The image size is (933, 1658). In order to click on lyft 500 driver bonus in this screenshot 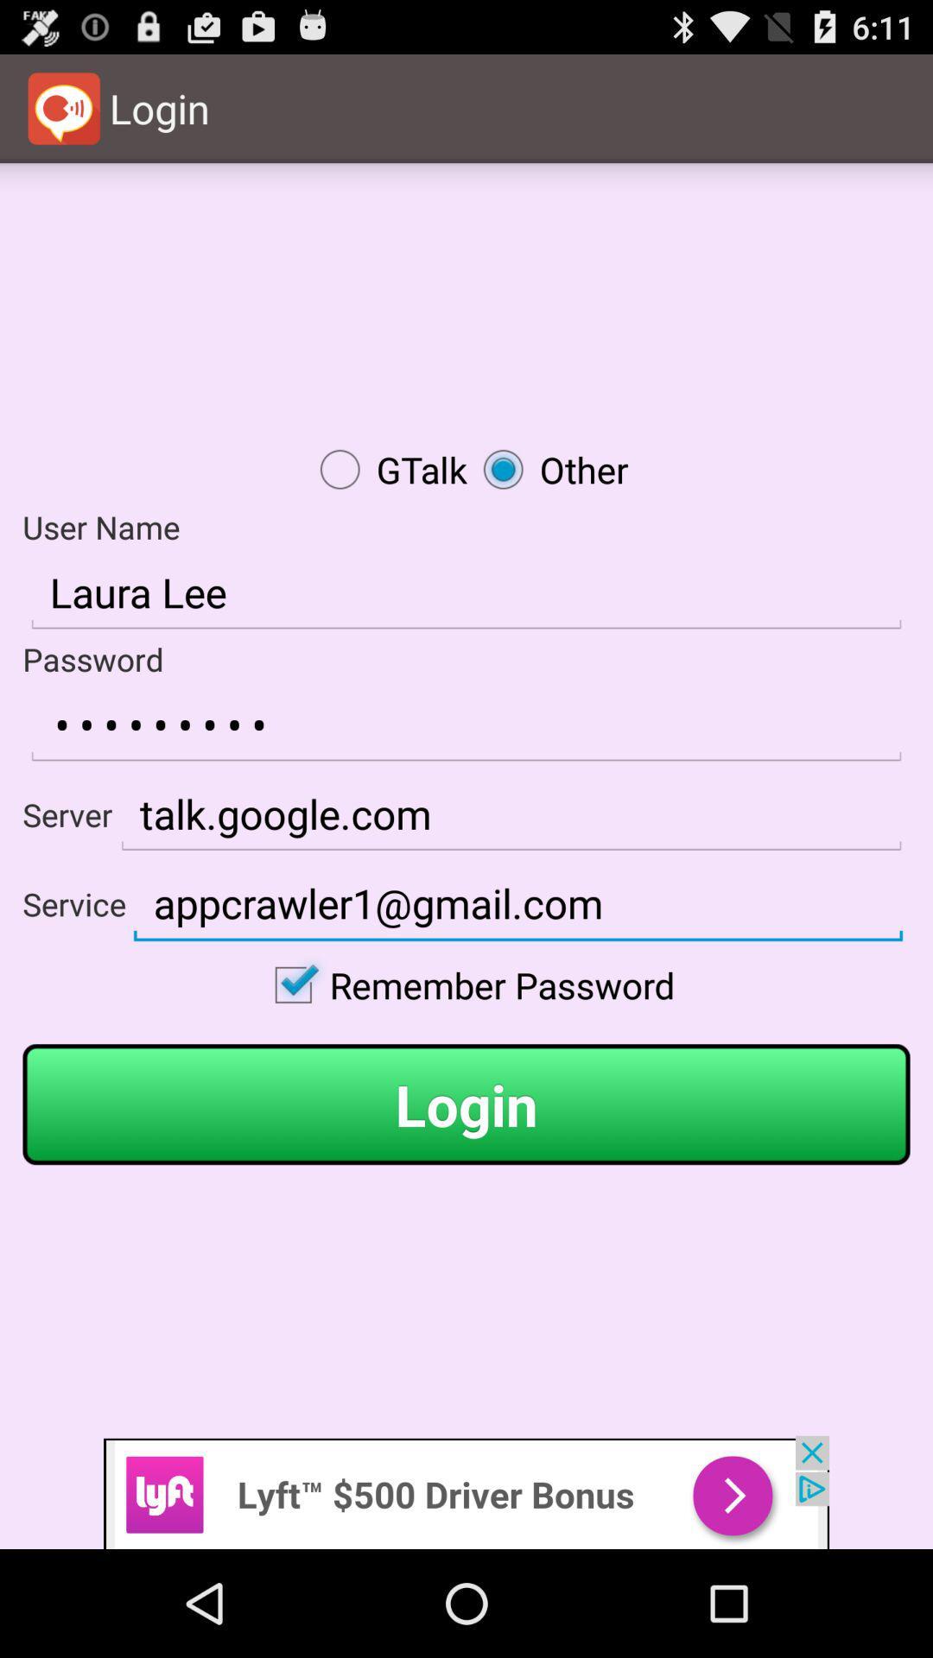, I will do `click(466, 1491)`.